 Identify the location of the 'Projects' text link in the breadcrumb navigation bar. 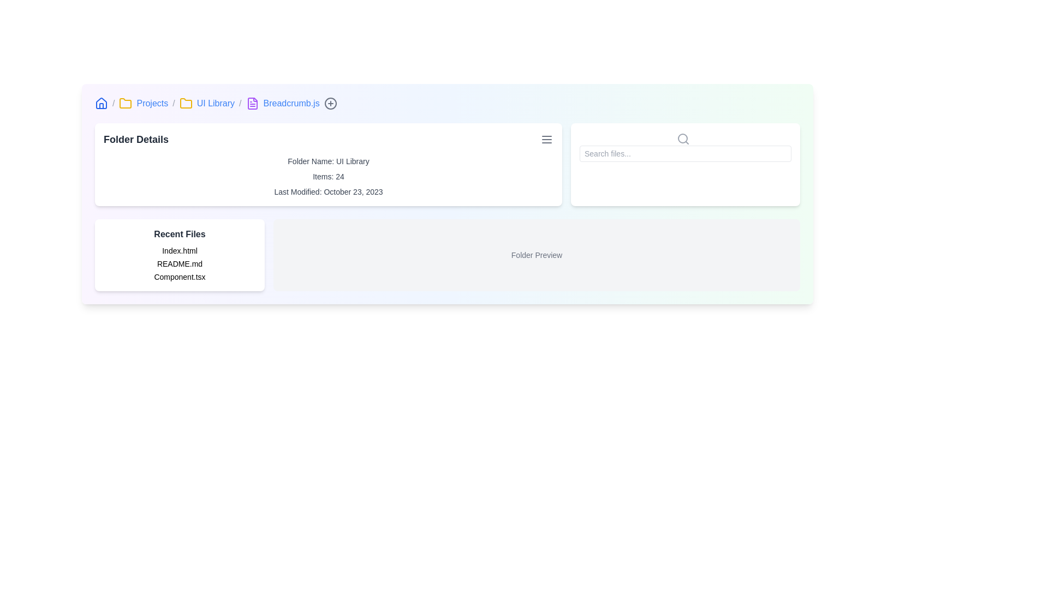
(152, 103).